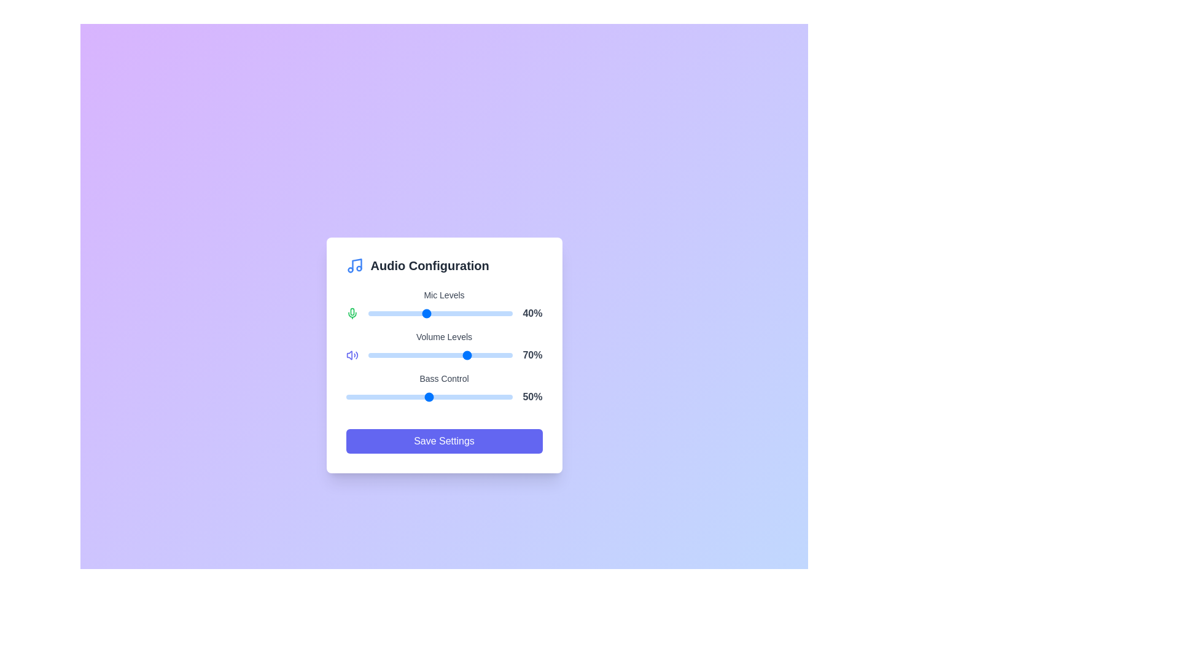  I want to click on the Mic Levels slider to set the microphone volume to 39%, so click(424, 312).